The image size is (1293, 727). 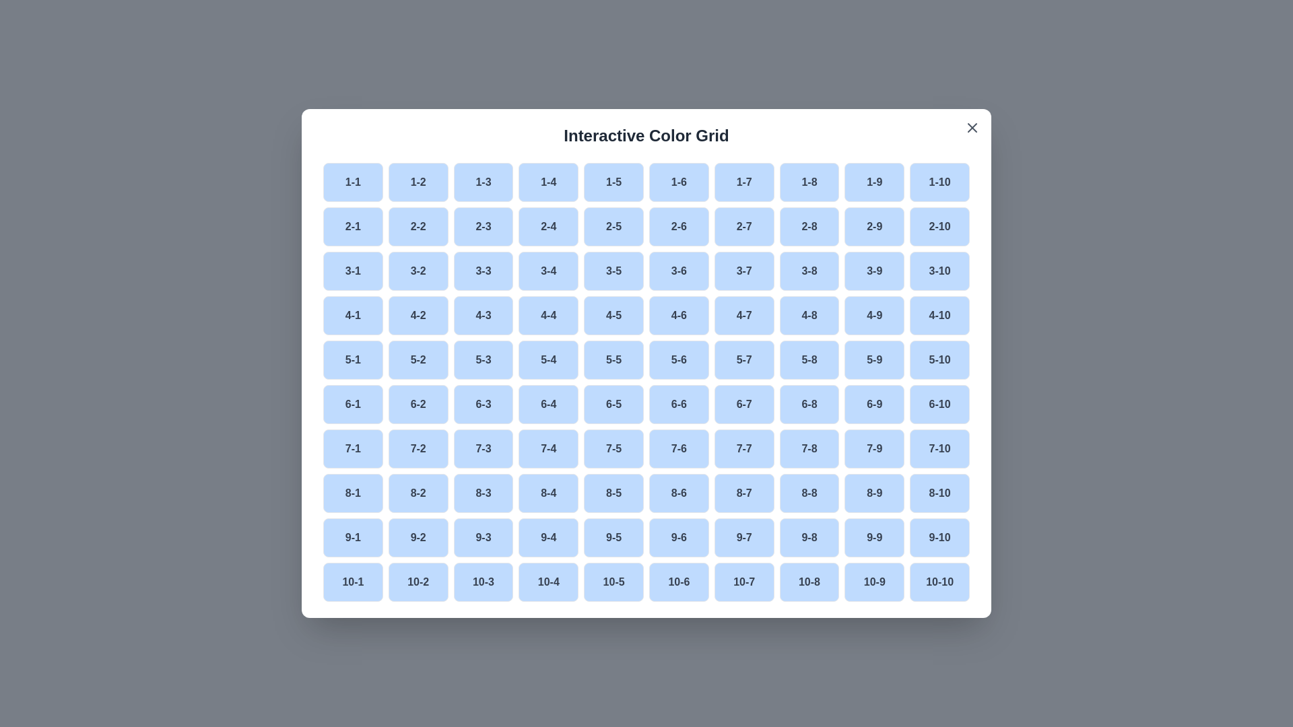 What do you see at coordinates (972, 127) in the screenshot?
I see `close button to close the dialog` at bounding box center [972, 127].